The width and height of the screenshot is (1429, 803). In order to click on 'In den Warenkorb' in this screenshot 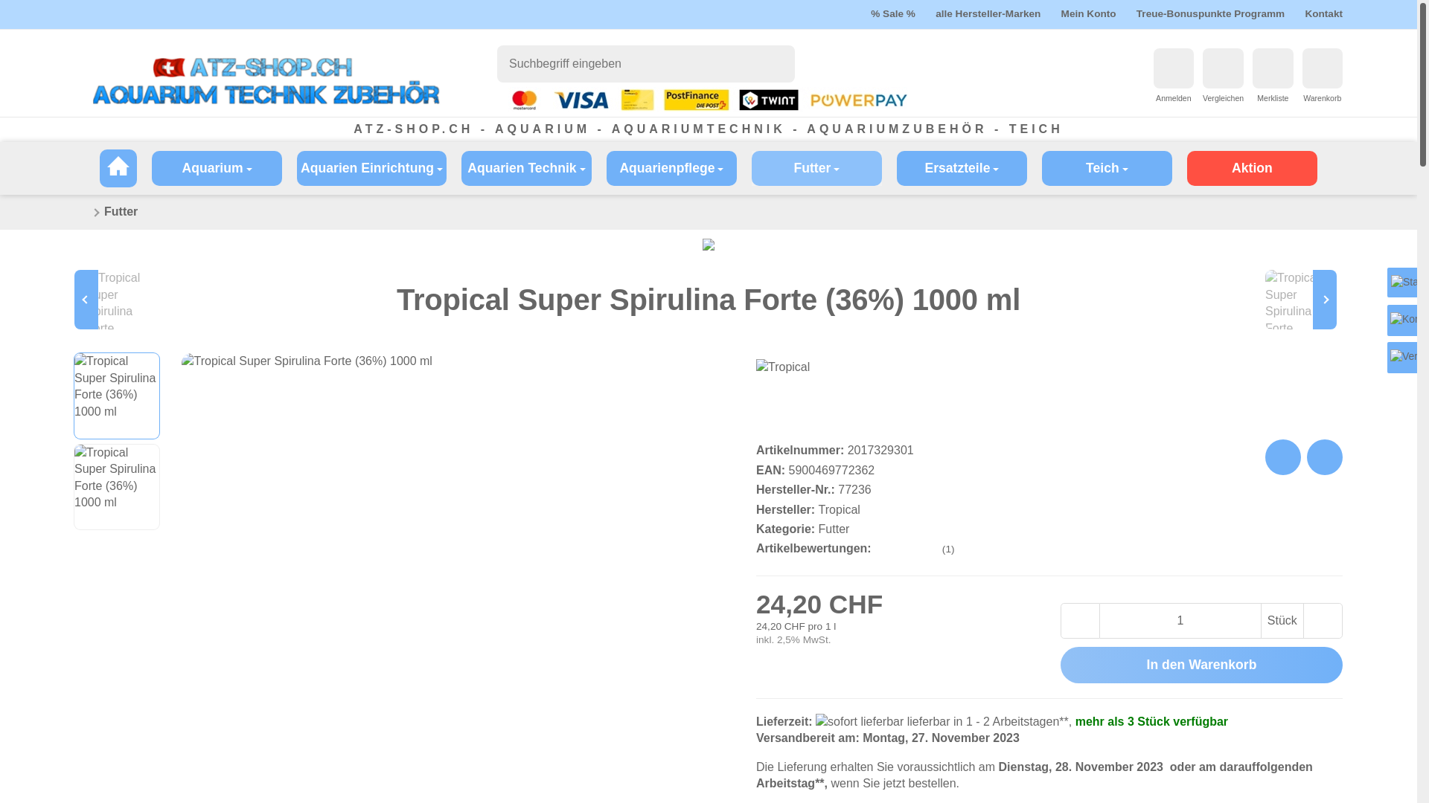, I will do `click(1201, 664)`.